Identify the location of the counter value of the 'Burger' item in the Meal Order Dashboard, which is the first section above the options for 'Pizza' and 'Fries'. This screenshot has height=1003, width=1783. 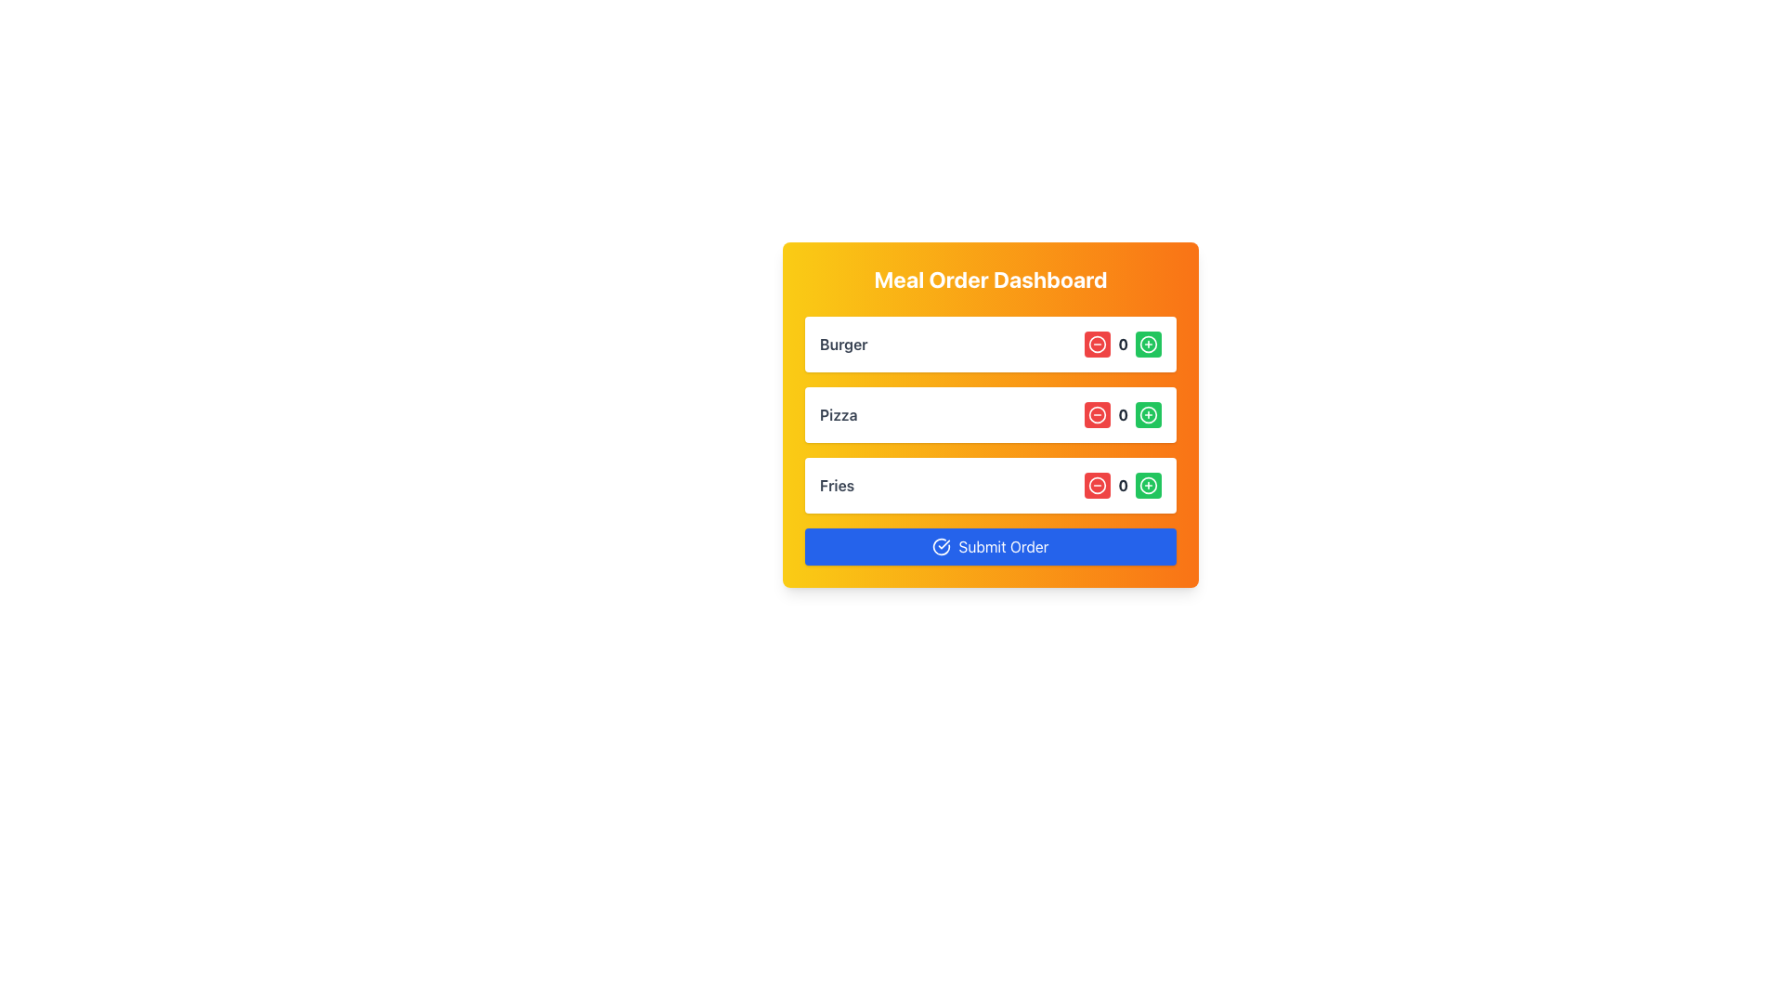
(989, 344).